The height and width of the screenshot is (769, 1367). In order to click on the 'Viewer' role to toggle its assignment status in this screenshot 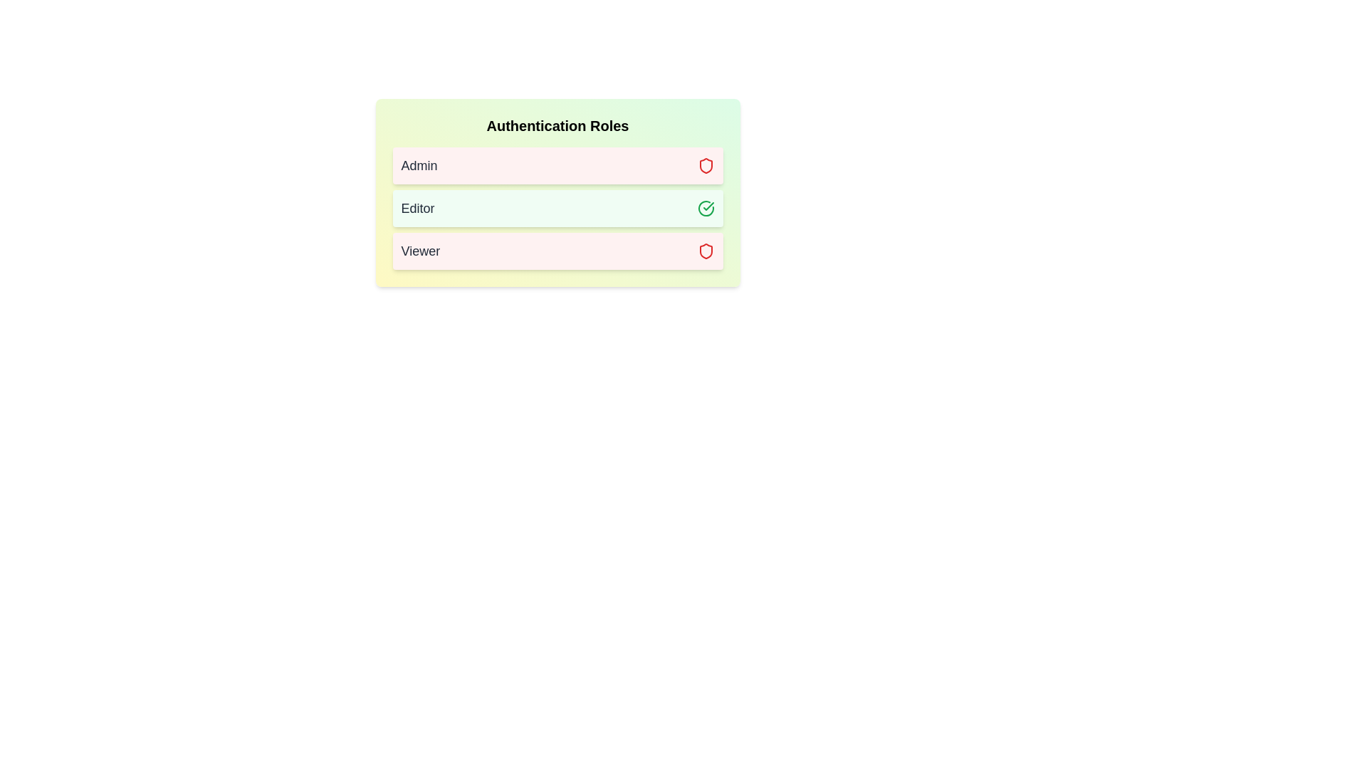, I will do `click(557, 251)`.